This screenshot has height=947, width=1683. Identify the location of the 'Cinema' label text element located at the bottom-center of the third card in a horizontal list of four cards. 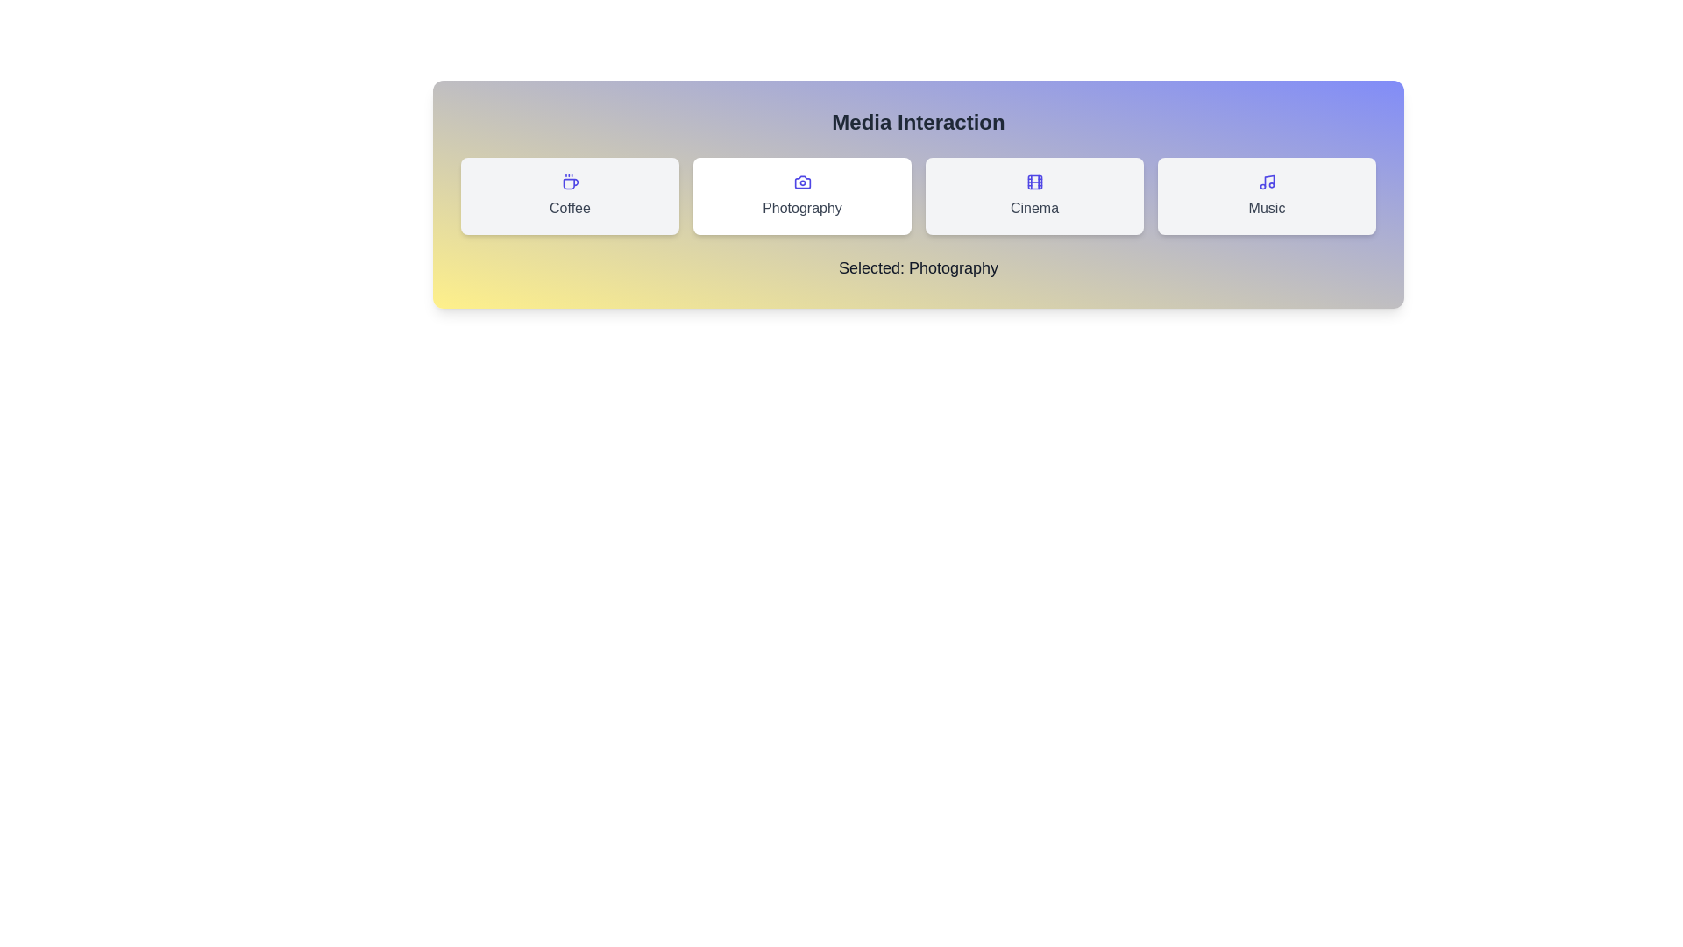
(1034, 208).